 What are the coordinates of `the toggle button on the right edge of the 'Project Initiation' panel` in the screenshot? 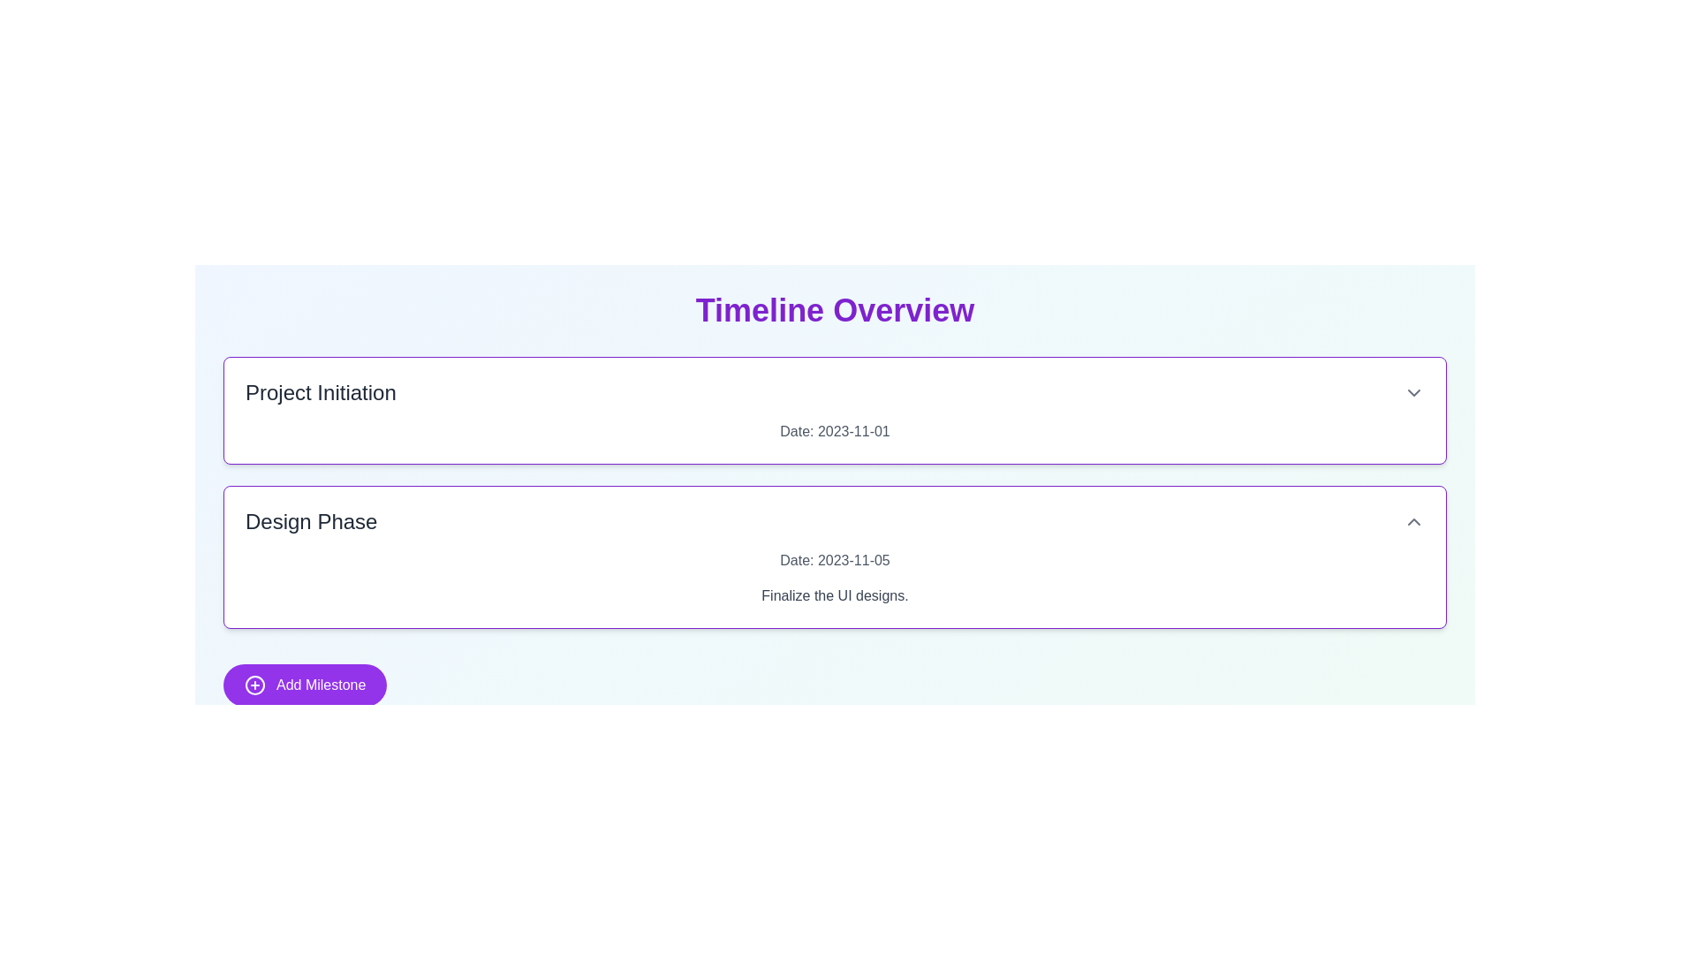 It's located at (1414, 391).